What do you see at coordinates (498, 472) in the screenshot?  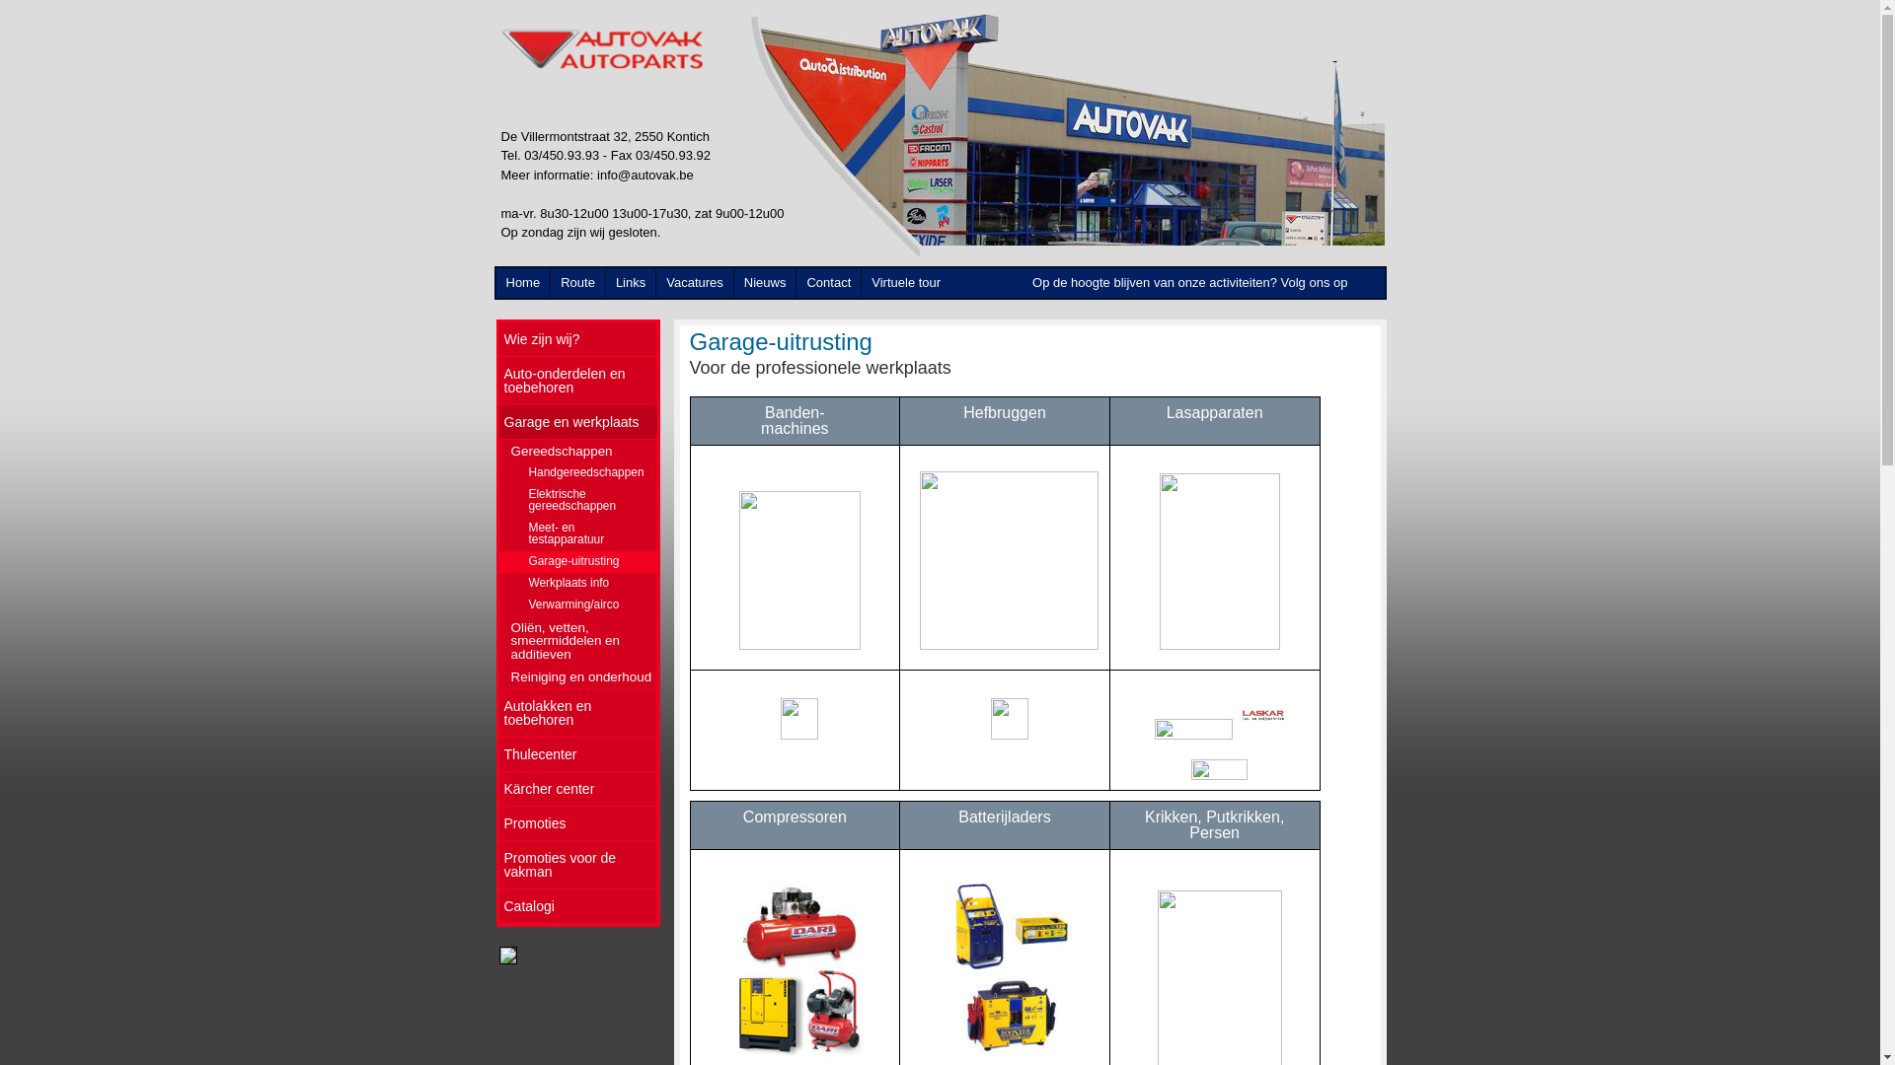 I see `'Handgereedschappen'` at bounding box center [498, 472].